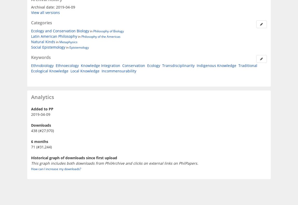 This screenshot has height=205, width=298. I want to click on 'Archival date: 2019-04-09', so click(53, 6).